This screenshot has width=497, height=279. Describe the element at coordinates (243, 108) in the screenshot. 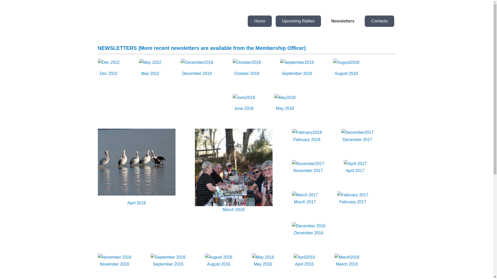

I see `'June 2018'` at that location.